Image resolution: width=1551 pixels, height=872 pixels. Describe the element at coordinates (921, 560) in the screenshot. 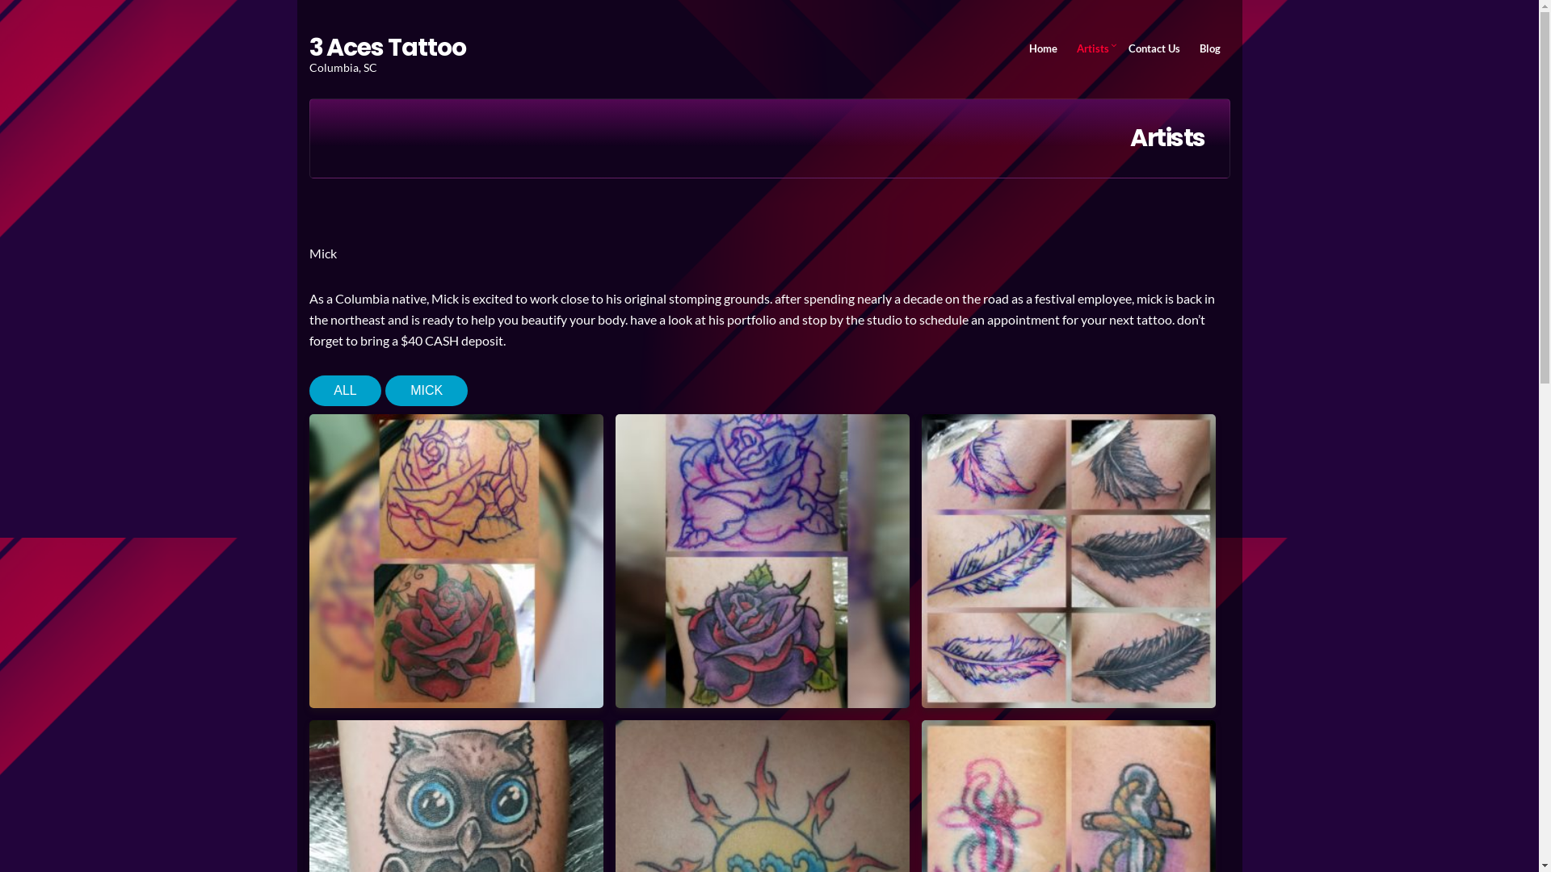

I see `'IMG_20170625_111314_068'` at that location.